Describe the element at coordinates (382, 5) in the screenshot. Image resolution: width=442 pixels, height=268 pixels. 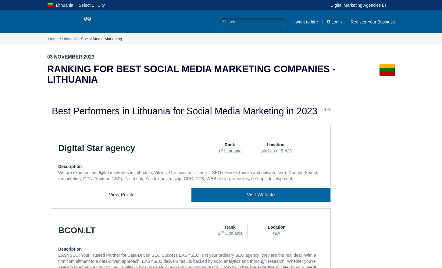
I see `'lt'` at that location.